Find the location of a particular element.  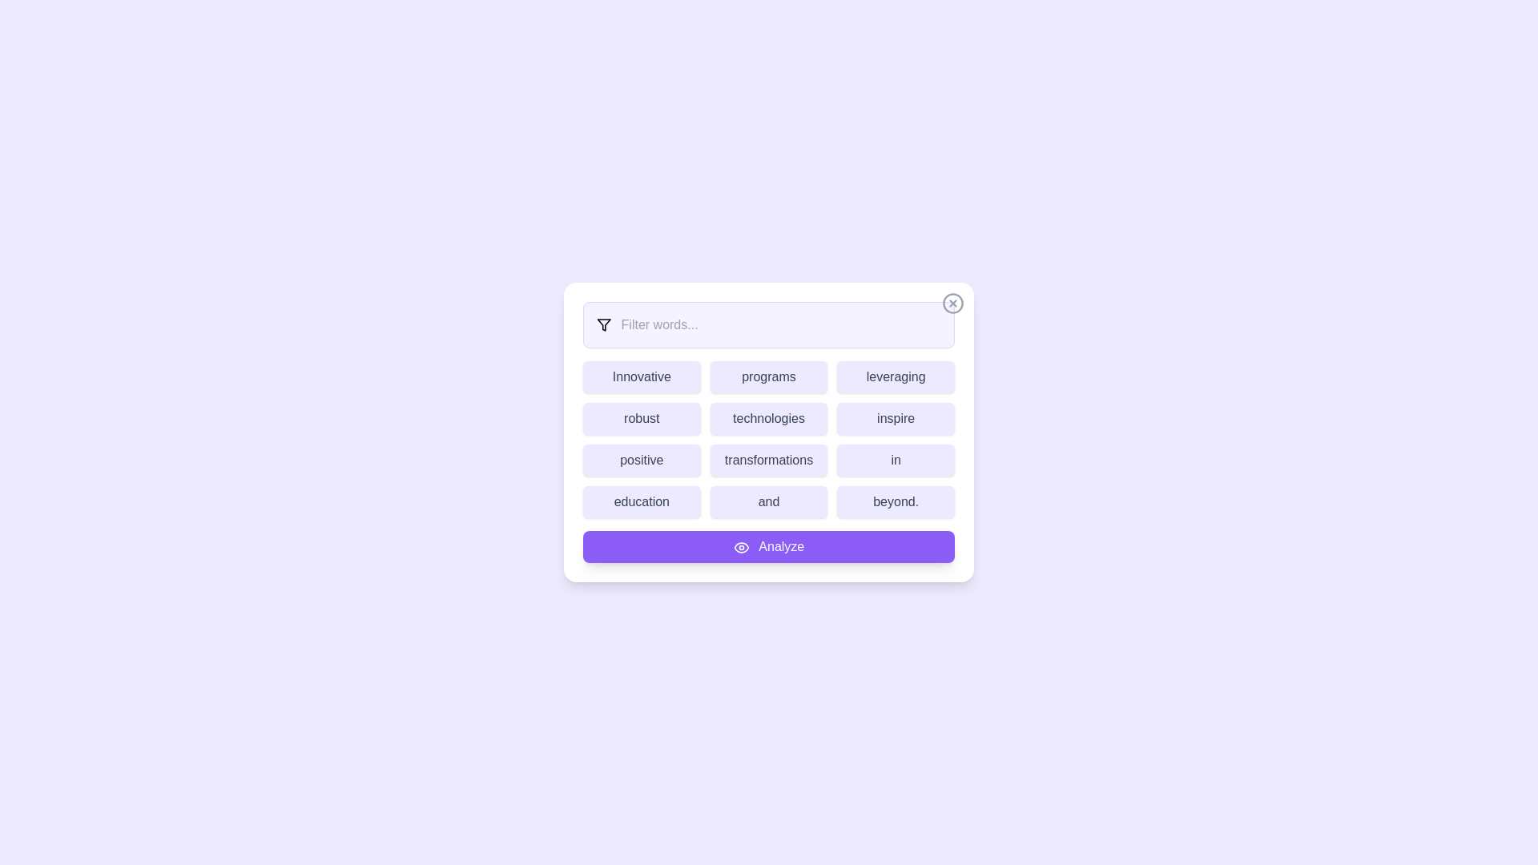

the word inspire to highlight it is located at coordinates (895, 418).